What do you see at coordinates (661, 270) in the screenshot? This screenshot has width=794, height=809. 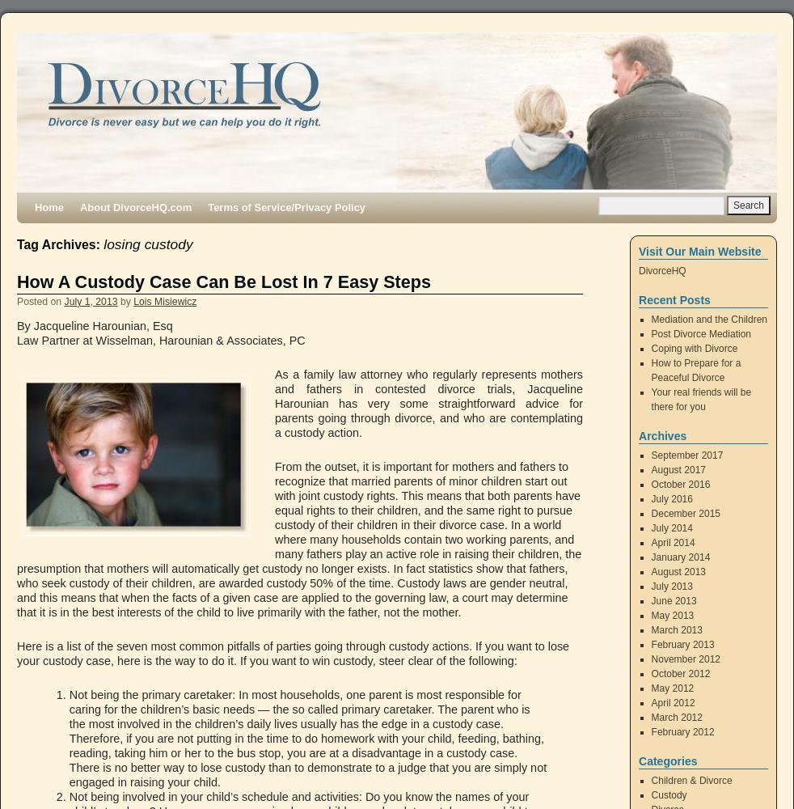 I see `'DivorceHQ'` at bounding box center [661, 270].